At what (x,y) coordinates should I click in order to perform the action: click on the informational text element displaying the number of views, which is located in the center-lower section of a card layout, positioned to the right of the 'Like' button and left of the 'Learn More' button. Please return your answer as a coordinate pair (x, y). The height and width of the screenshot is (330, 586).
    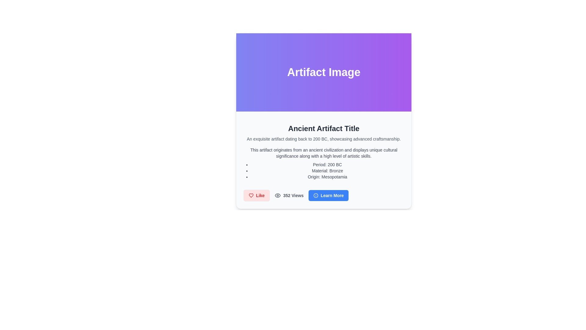
    Looking at the image, I should click on (289, 196).